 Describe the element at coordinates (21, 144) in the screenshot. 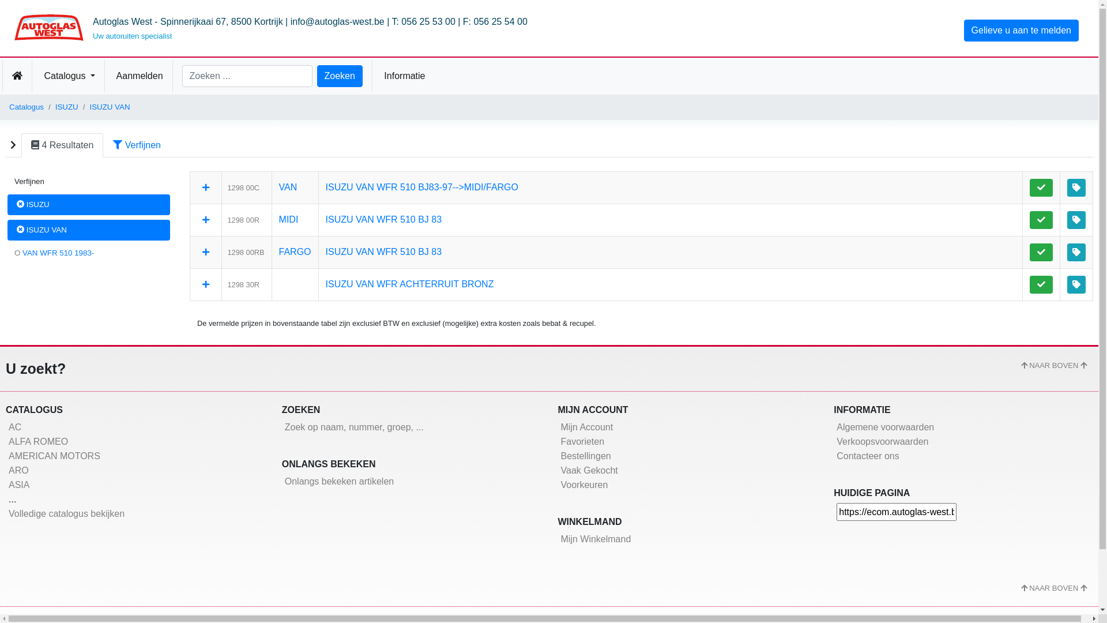

I see `'4 Resultaten'` at that location.